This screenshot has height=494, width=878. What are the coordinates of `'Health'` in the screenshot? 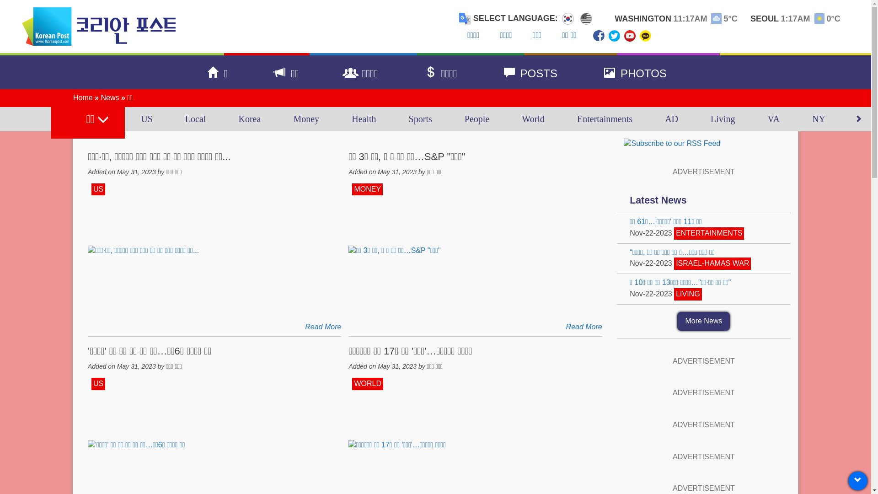 It's located at (335, 119).